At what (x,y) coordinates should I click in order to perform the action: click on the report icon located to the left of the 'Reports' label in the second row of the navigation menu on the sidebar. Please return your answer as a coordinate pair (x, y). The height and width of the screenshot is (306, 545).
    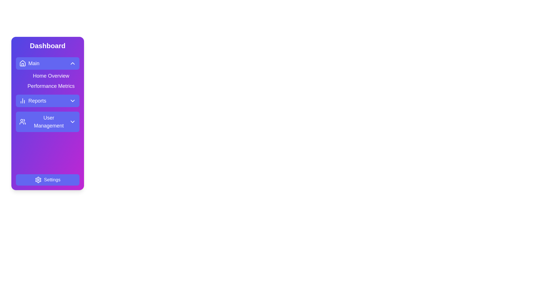
    Looking at the image, I should click on (23, 100).